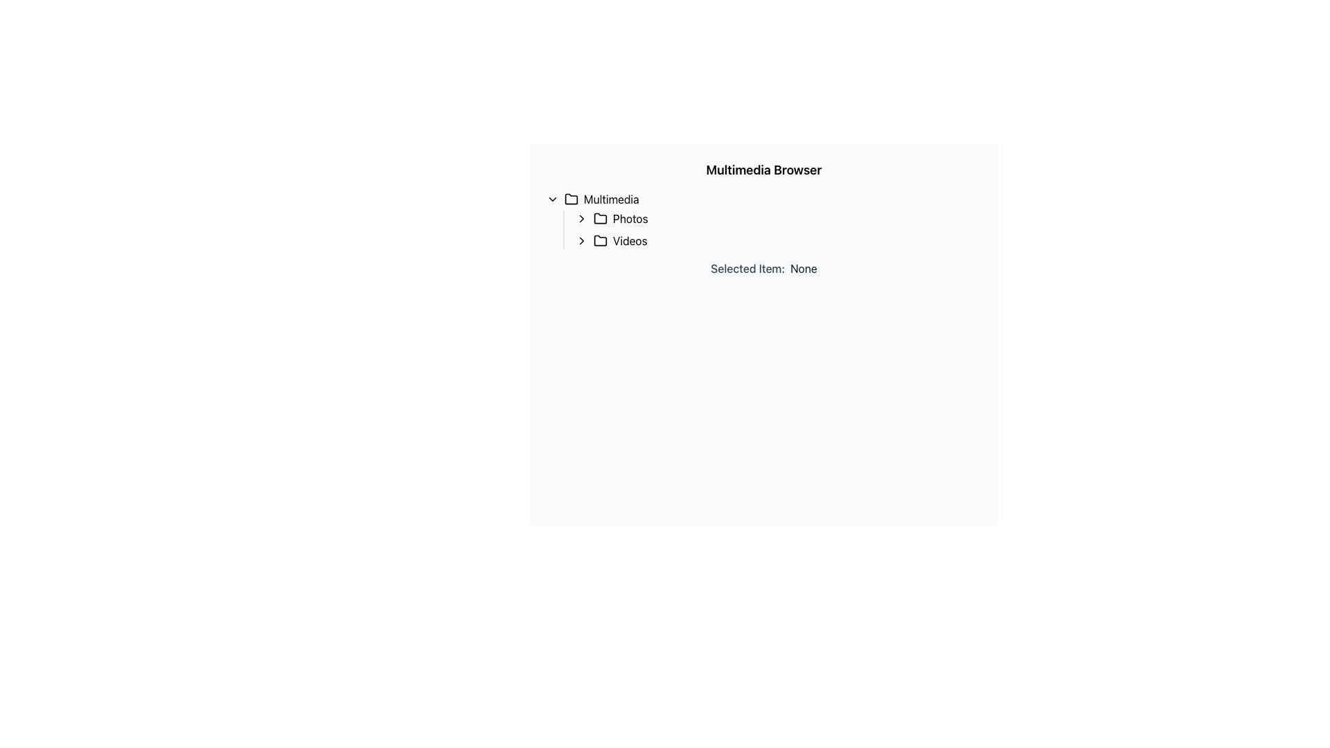 This screenshot has height=748, width=1330. I want to click on the rightward-pointing chevron arrow icon located adjacent to the 'Videos' text label under the 'Multimedia' tree structure in the left panel, so click(582, 240).